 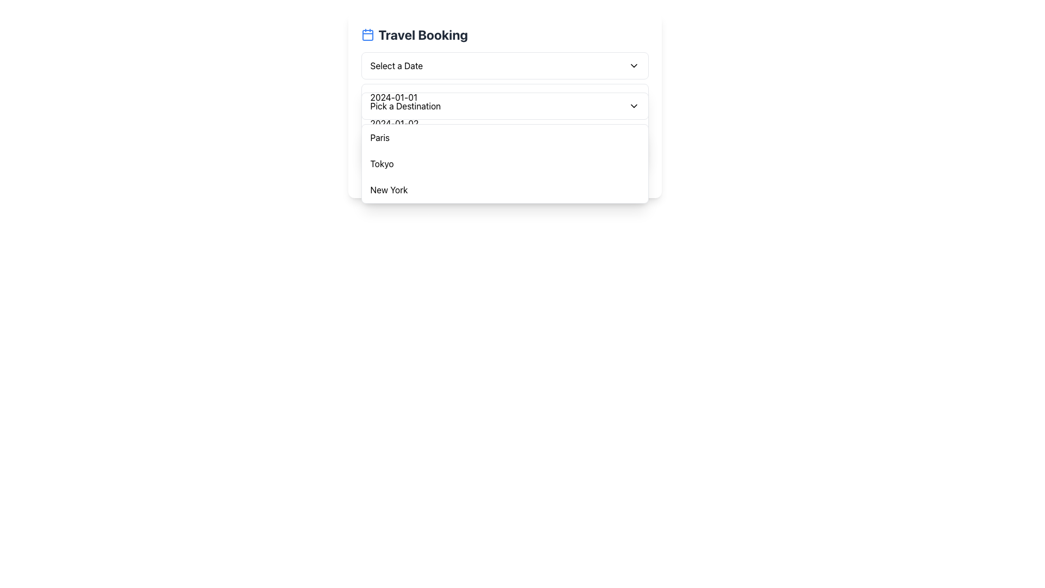 I want to click on to select the date '2024-01-02' from the dropdown menu under the 'Travel Booking' section, so click(x=504, y=123).